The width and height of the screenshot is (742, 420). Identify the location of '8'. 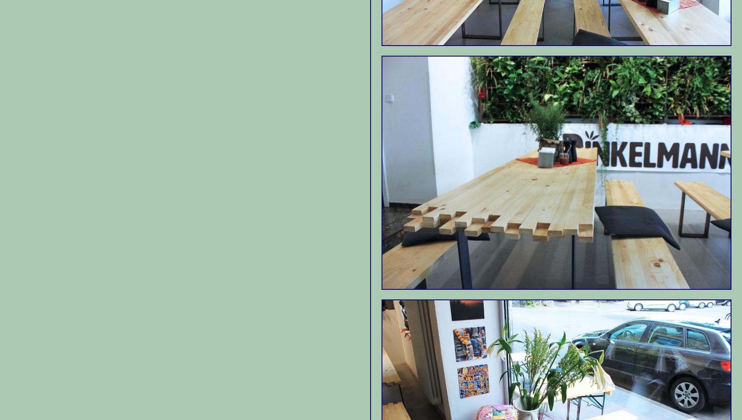
(505, 73).